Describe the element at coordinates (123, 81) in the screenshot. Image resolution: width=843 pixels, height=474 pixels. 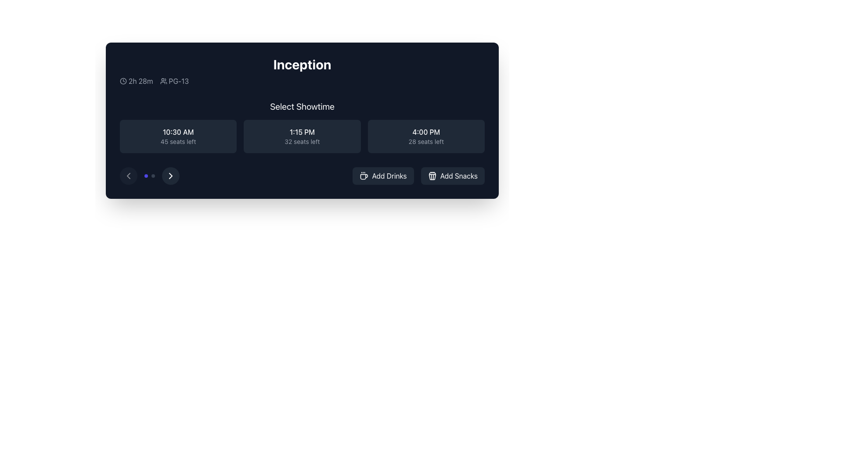
I see `the decorative graphic icon representing a clock, located in the left section of the interface, aligned horizontally with the '2h 28m' text to its right` at that location.